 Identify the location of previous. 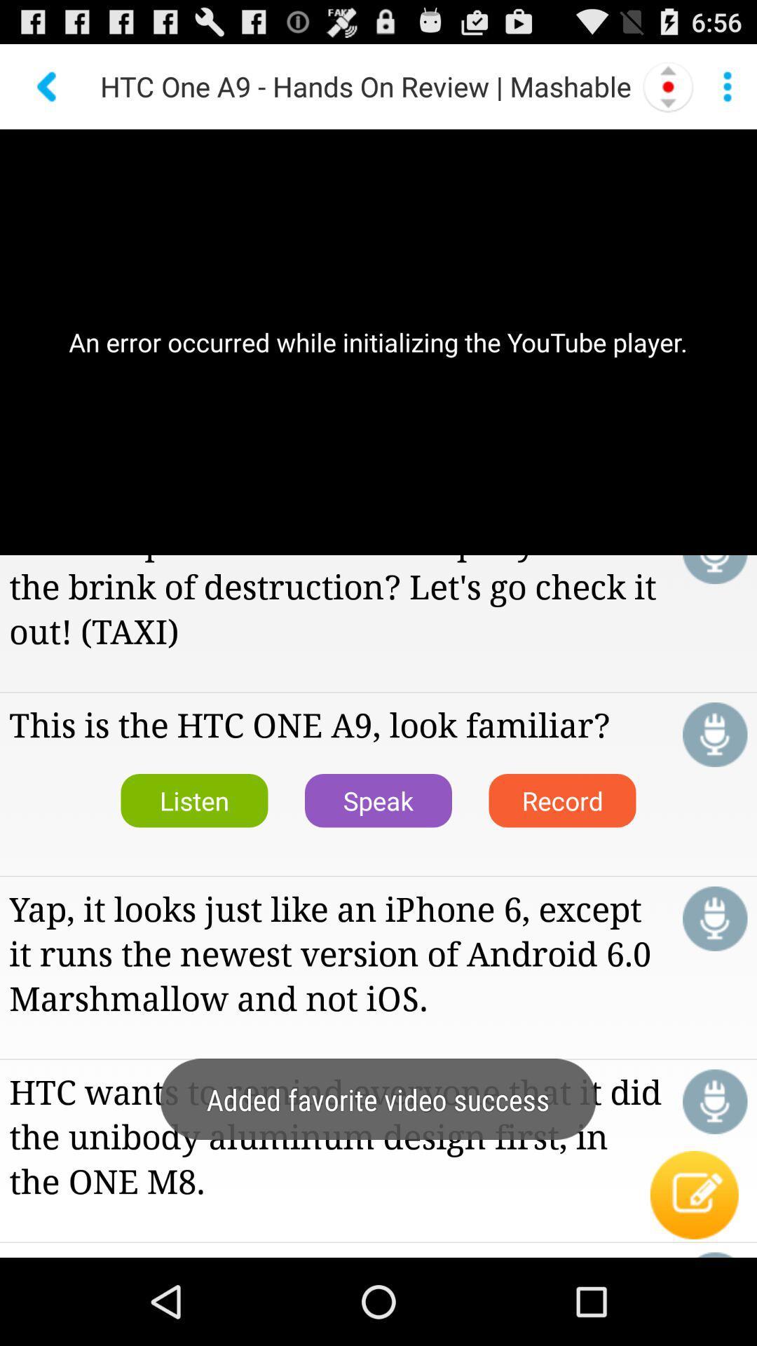
(48, 86).